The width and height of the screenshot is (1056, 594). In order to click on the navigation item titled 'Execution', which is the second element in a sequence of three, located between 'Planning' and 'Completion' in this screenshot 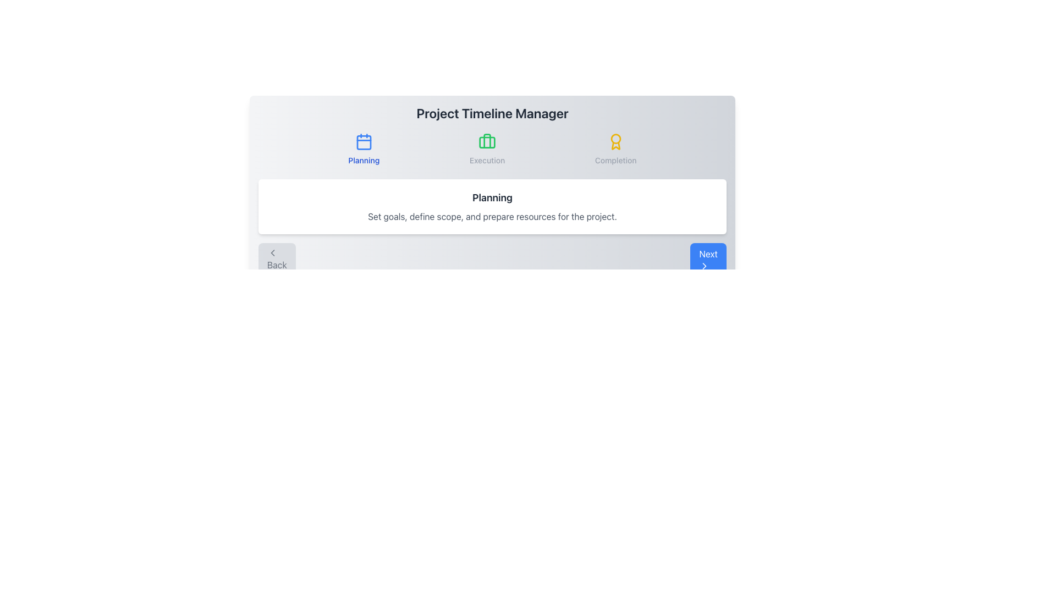, I will do `click(487, 150)`.